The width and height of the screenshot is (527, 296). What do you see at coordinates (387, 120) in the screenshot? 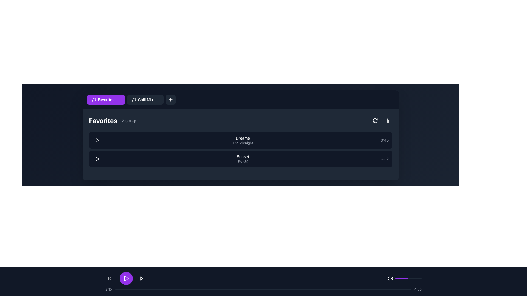
I see `the circular button with a dark background and a column chart icon, located to the right of the refresh icon button in the header section of the playlist interface` at bounding box center [387, 120].